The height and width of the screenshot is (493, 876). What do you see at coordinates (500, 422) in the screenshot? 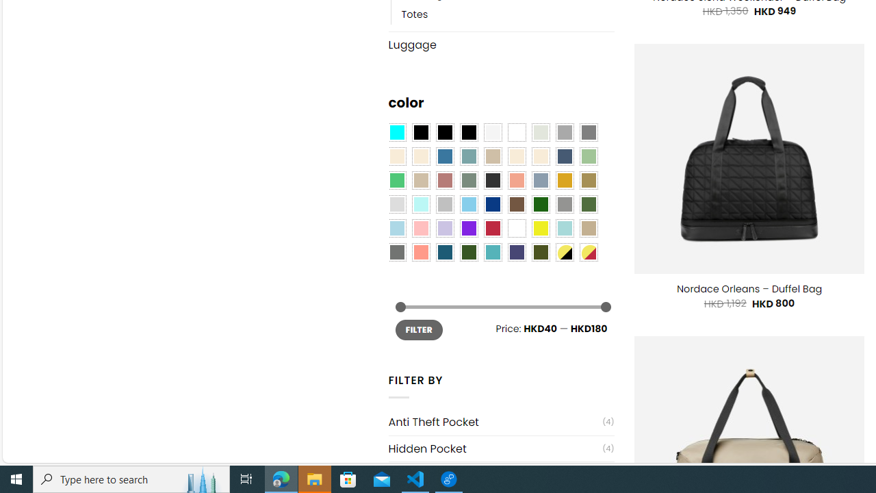
I see `'Anti Theft Pocket(4)'` at bounding box center [500, 422].